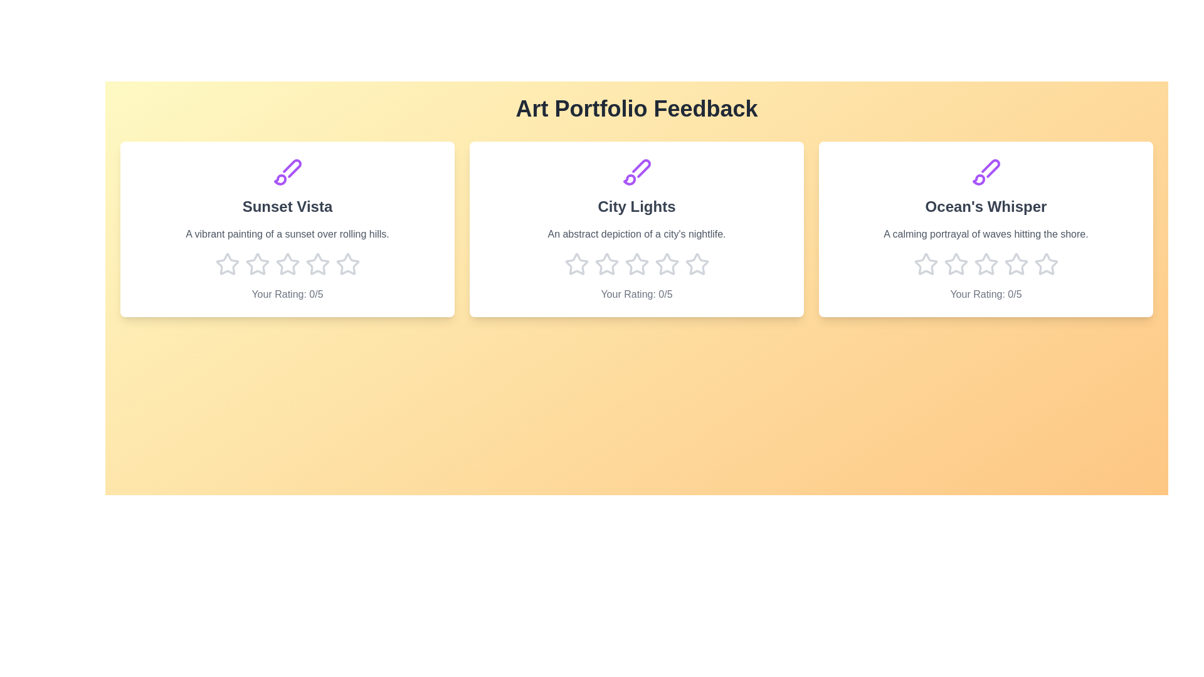 This screenshot has width=1204, height=677. Describe the element at coordinates (347, 263) in the screenshot. I see `the star corresponding to 5 stars for the artwork titled 'Sunset Vista'` at that location.